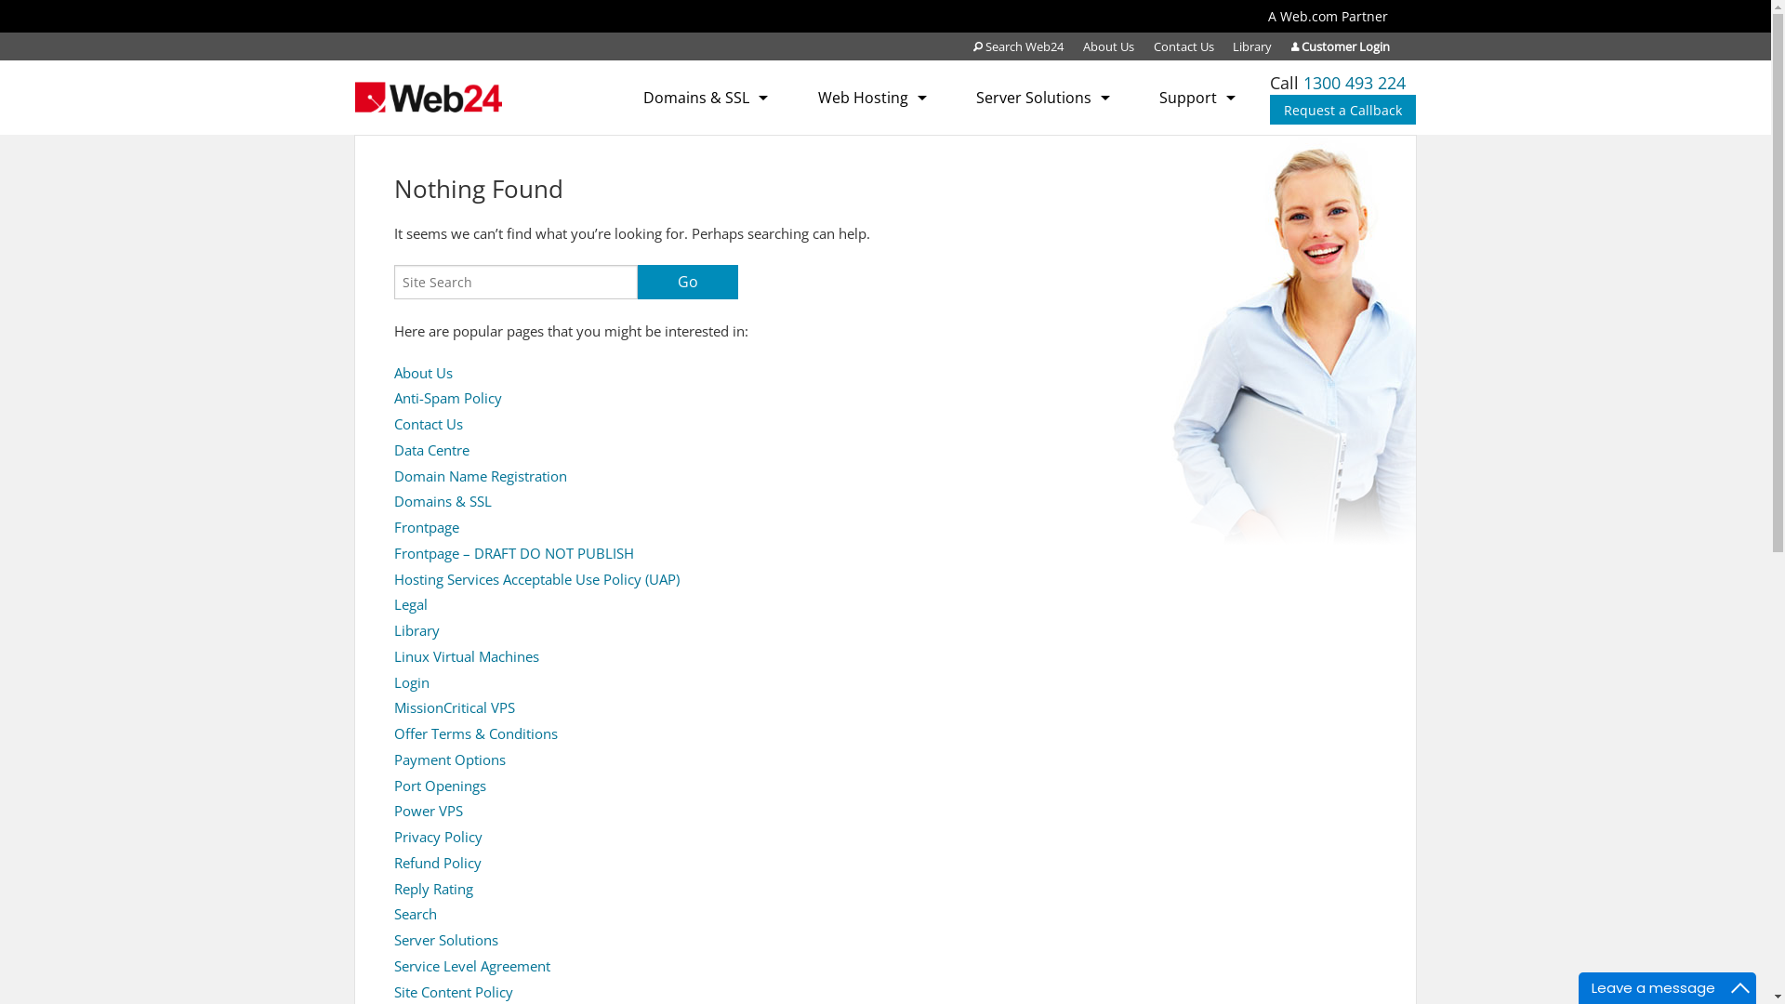  What do you see at coordinates (447, 397) in the screenshot?
I see `'Anti-Spam Policy'` at bounding box center [447, 397].